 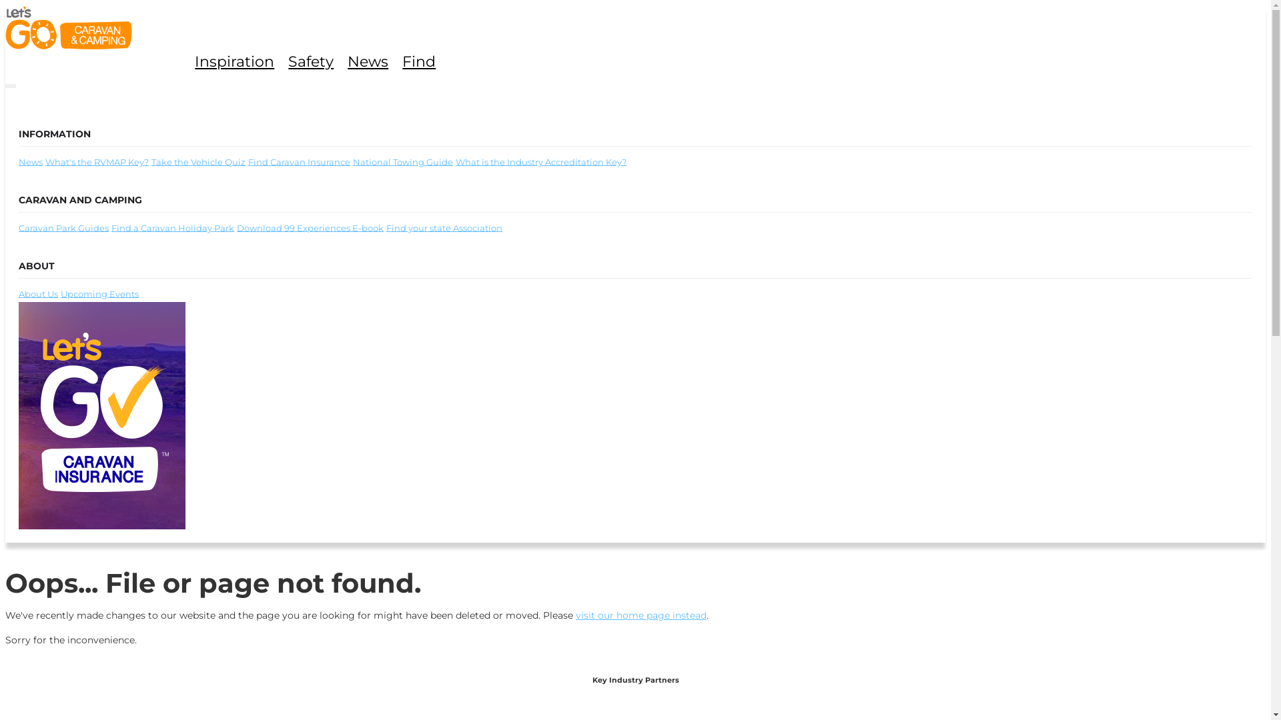 What do you see at coordinates (402, 61) in the screenshot?
I see `'Find'` at bounding box center [402, 61].